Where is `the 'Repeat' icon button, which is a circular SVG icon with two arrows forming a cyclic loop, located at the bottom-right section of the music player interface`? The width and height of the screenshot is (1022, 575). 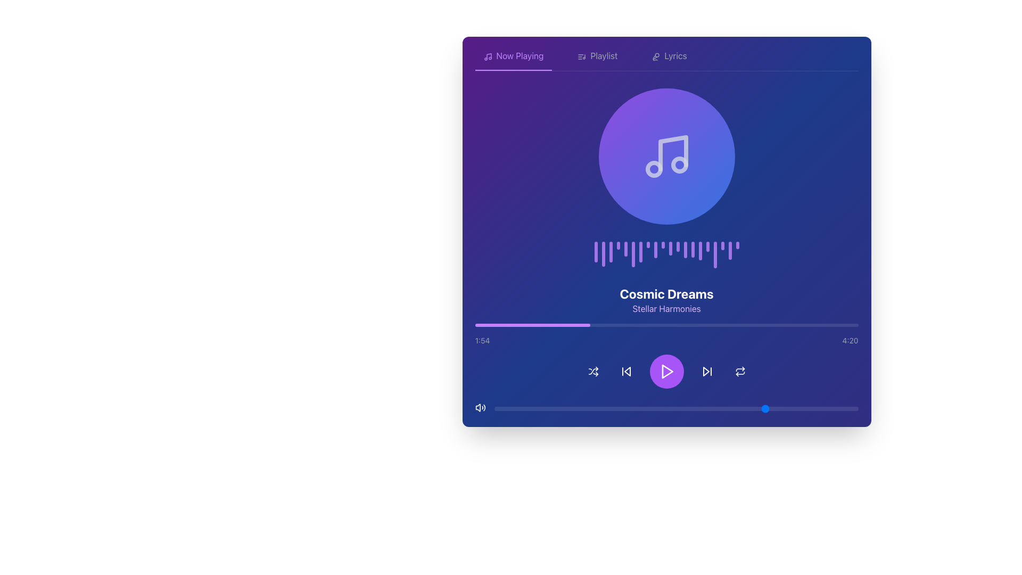
the 'Repeat' icon button, which is a circular SVG icon with two arrows forming a cyclic loop, located at the bottom-right section of the music player interface is located at coordinates (739, 371).